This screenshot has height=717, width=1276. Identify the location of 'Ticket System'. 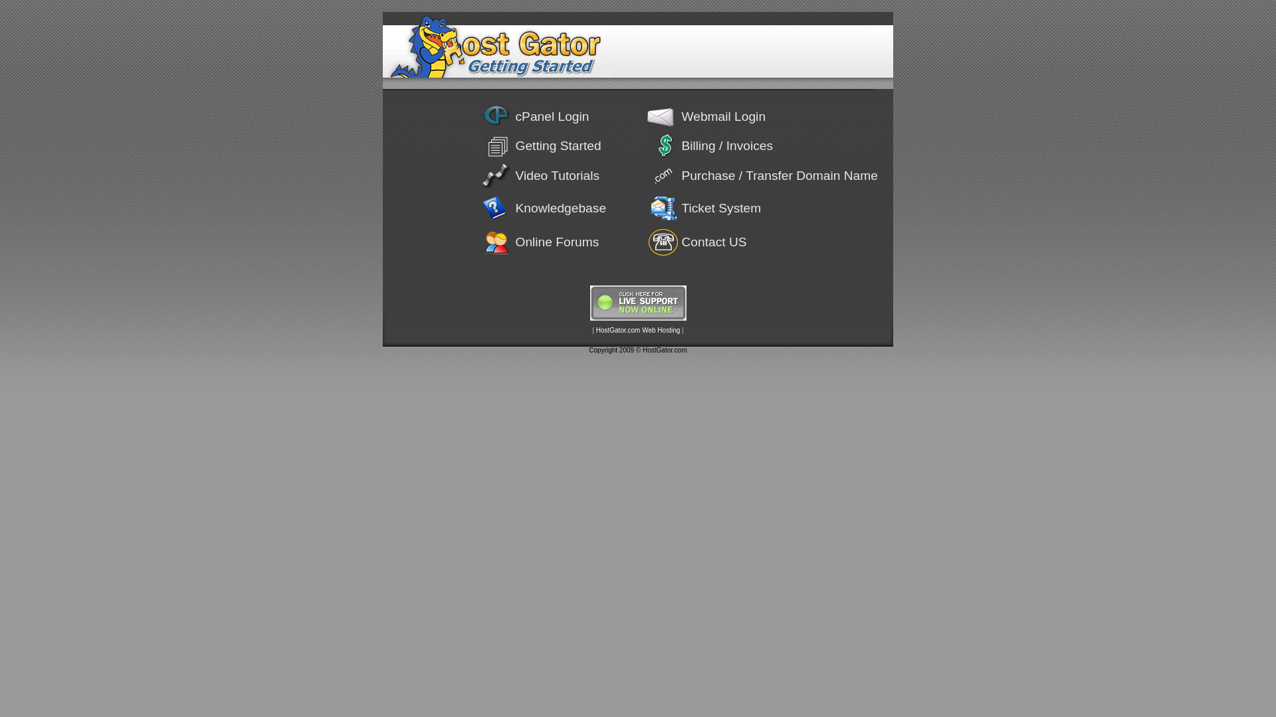
(720, 208).